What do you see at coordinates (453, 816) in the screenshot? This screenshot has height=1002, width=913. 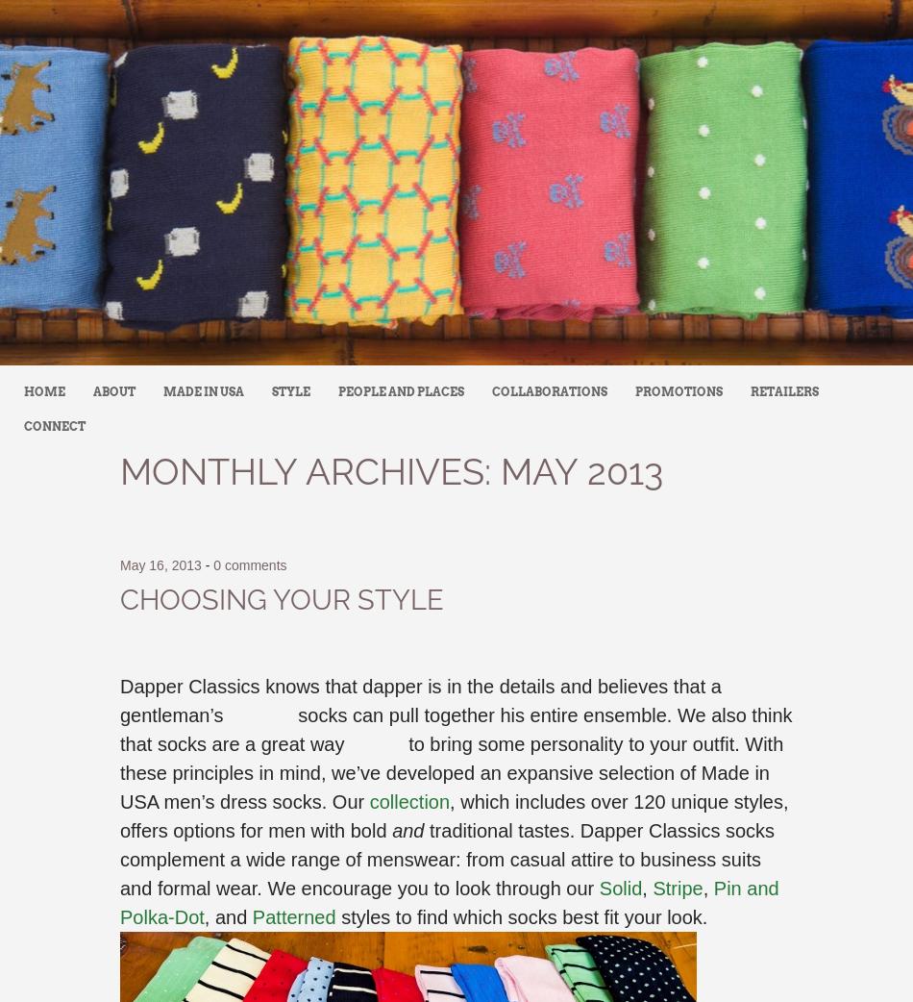 I see `', which includes over 120 unique styles, offers options for men with bold'` at bounding box center [453, 816].